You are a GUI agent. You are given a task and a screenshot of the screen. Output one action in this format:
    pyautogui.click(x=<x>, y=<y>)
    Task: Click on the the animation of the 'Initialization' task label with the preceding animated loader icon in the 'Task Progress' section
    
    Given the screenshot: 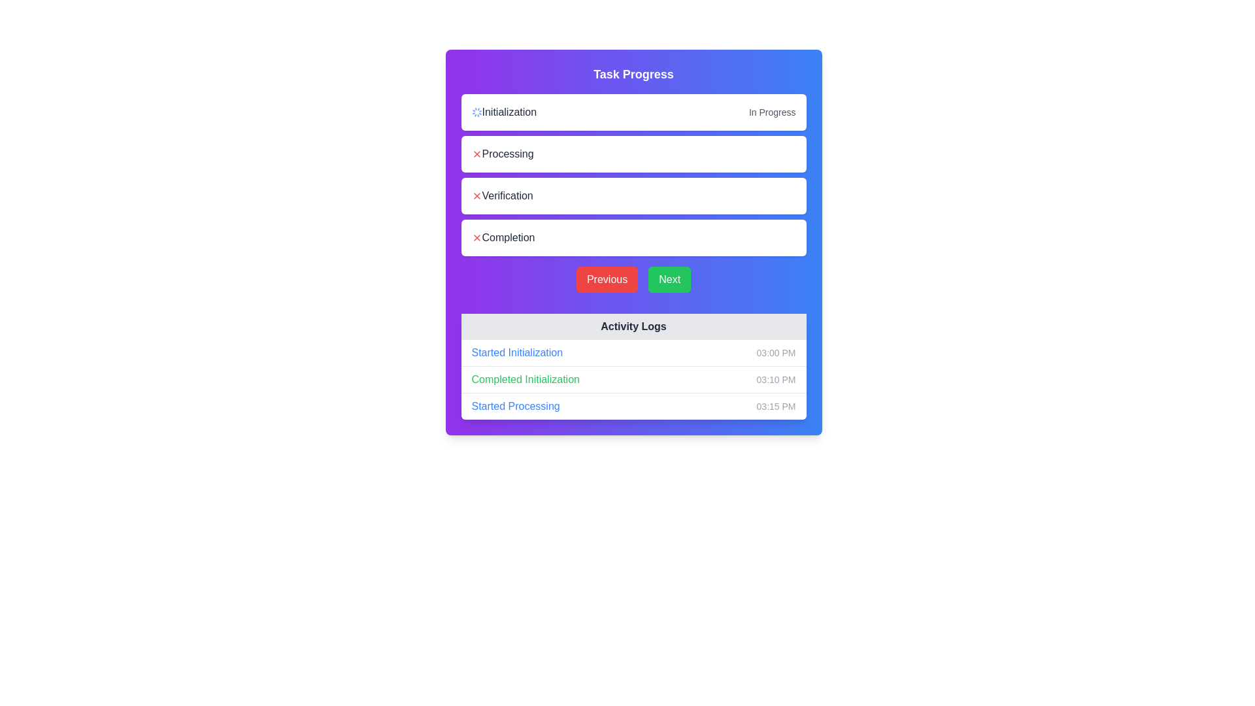 What is the action you would take?
    pyautogui.click(x=503, y=112)
    